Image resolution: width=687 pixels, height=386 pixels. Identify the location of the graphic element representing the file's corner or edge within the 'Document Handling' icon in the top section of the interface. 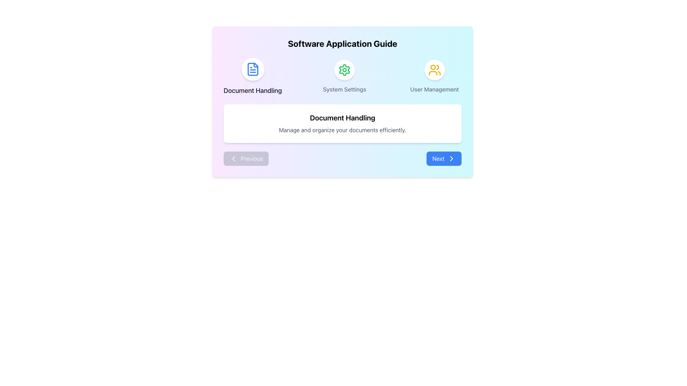
(253, 69).